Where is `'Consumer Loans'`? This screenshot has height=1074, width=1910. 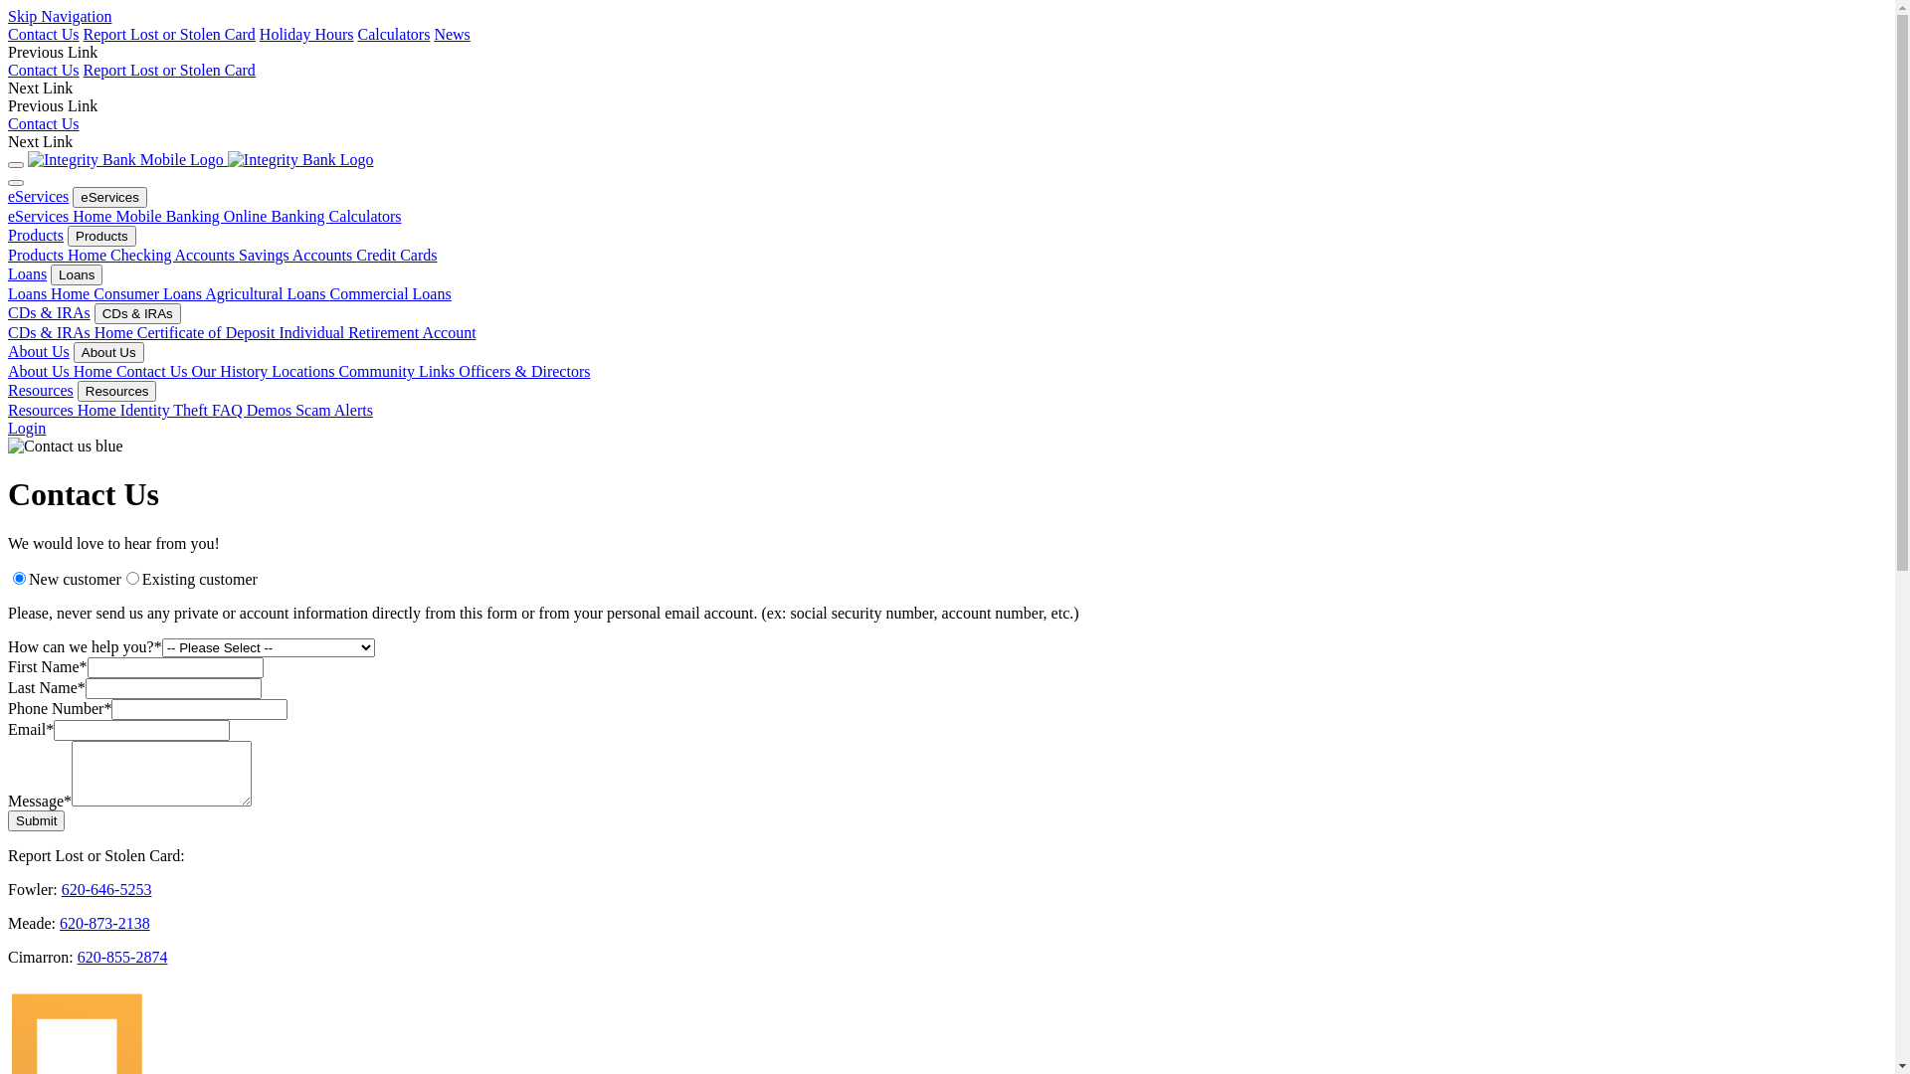
'Consumer Loans' is located at coordinates (147, 293).